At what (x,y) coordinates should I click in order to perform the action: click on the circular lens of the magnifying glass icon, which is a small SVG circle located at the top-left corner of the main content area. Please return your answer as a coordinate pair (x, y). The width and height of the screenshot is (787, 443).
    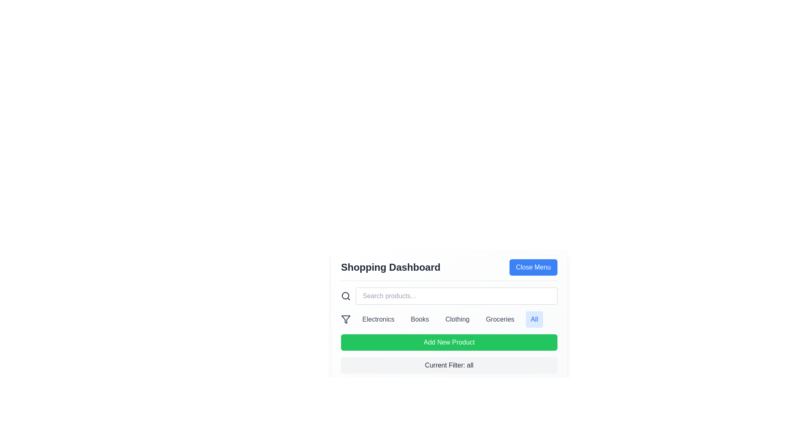
    Looking at the image, I should click on (346, 296).